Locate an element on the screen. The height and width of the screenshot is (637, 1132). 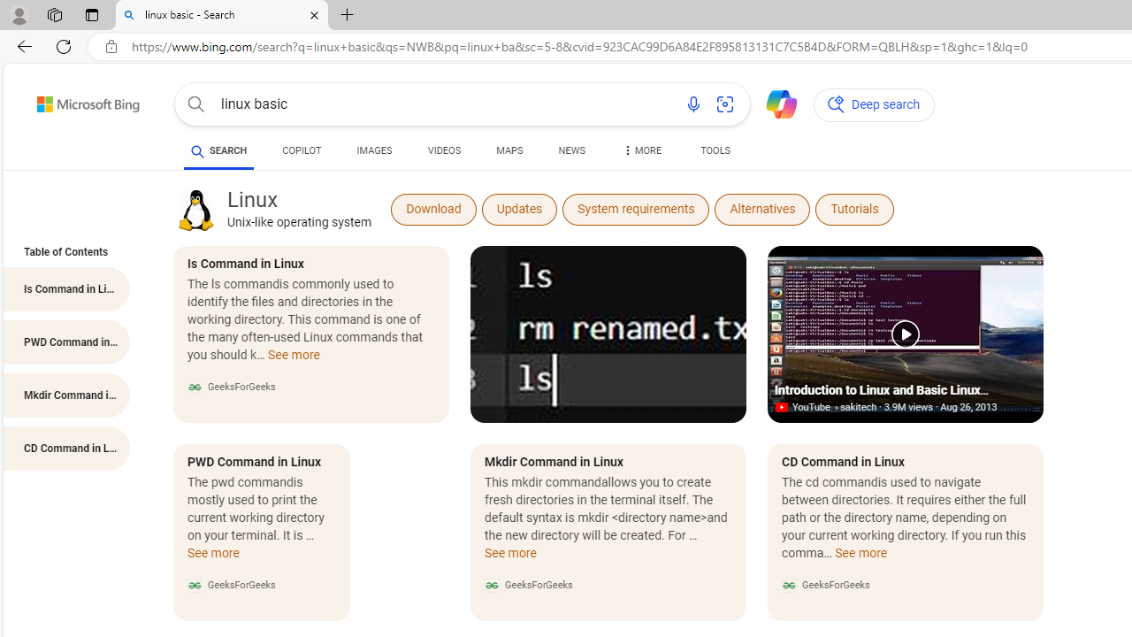
'Alternatives' is located at coordinates (762, 208).